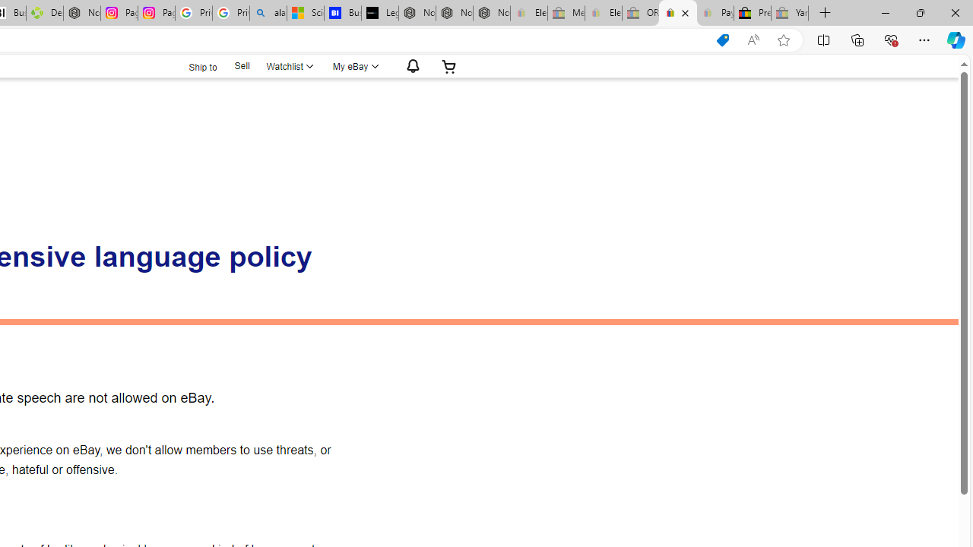 Image resolution: width=973 pixels, height=547 pixels. What do you see at coordinates (885, 12) in the screenshot?
I see `'Minimize'` at bounding box center [885, 12].